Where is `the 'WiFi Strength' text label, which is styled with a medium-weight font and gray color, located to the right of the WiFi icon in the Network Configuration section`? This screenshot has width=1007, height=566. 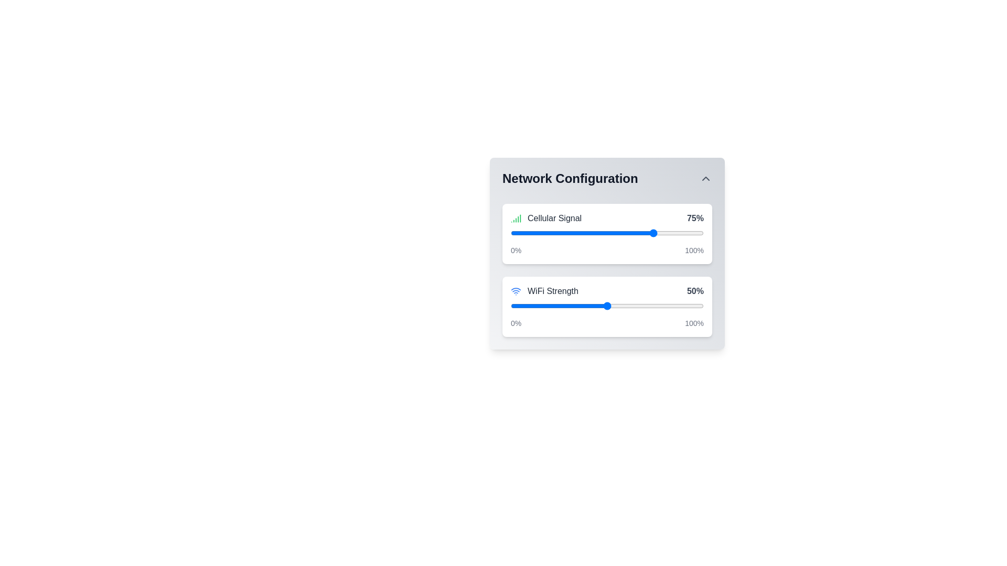 the 'WiFi Strength' text label, which is styled with a medium-weight font and gray color, located to the right of the WiFi icon in the Network Configuration section is located at coordinates (552, 291).